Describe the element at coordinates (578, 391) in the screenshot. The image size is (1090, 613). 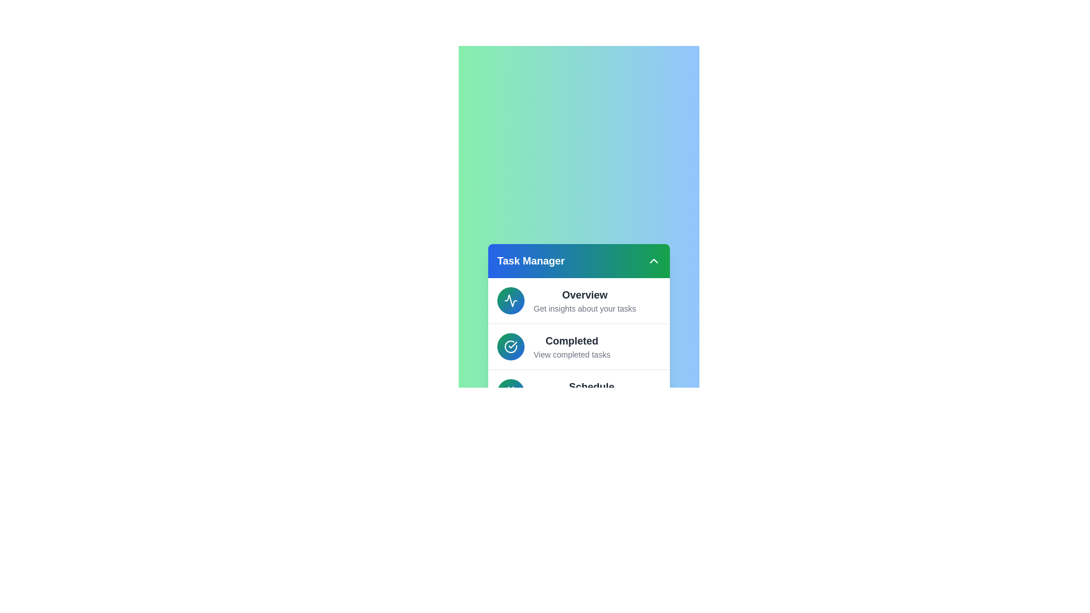
I see `the list item corresponding to the task category Schedule` at that location.